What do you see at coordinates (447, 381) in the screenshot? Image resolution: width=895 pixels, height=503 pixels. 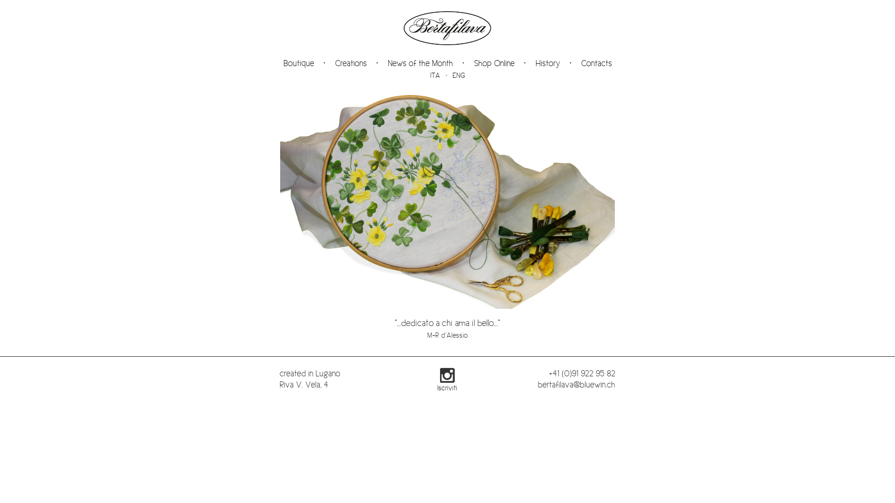 I see `'Iscriviti'` at bounding box center [447, 381].